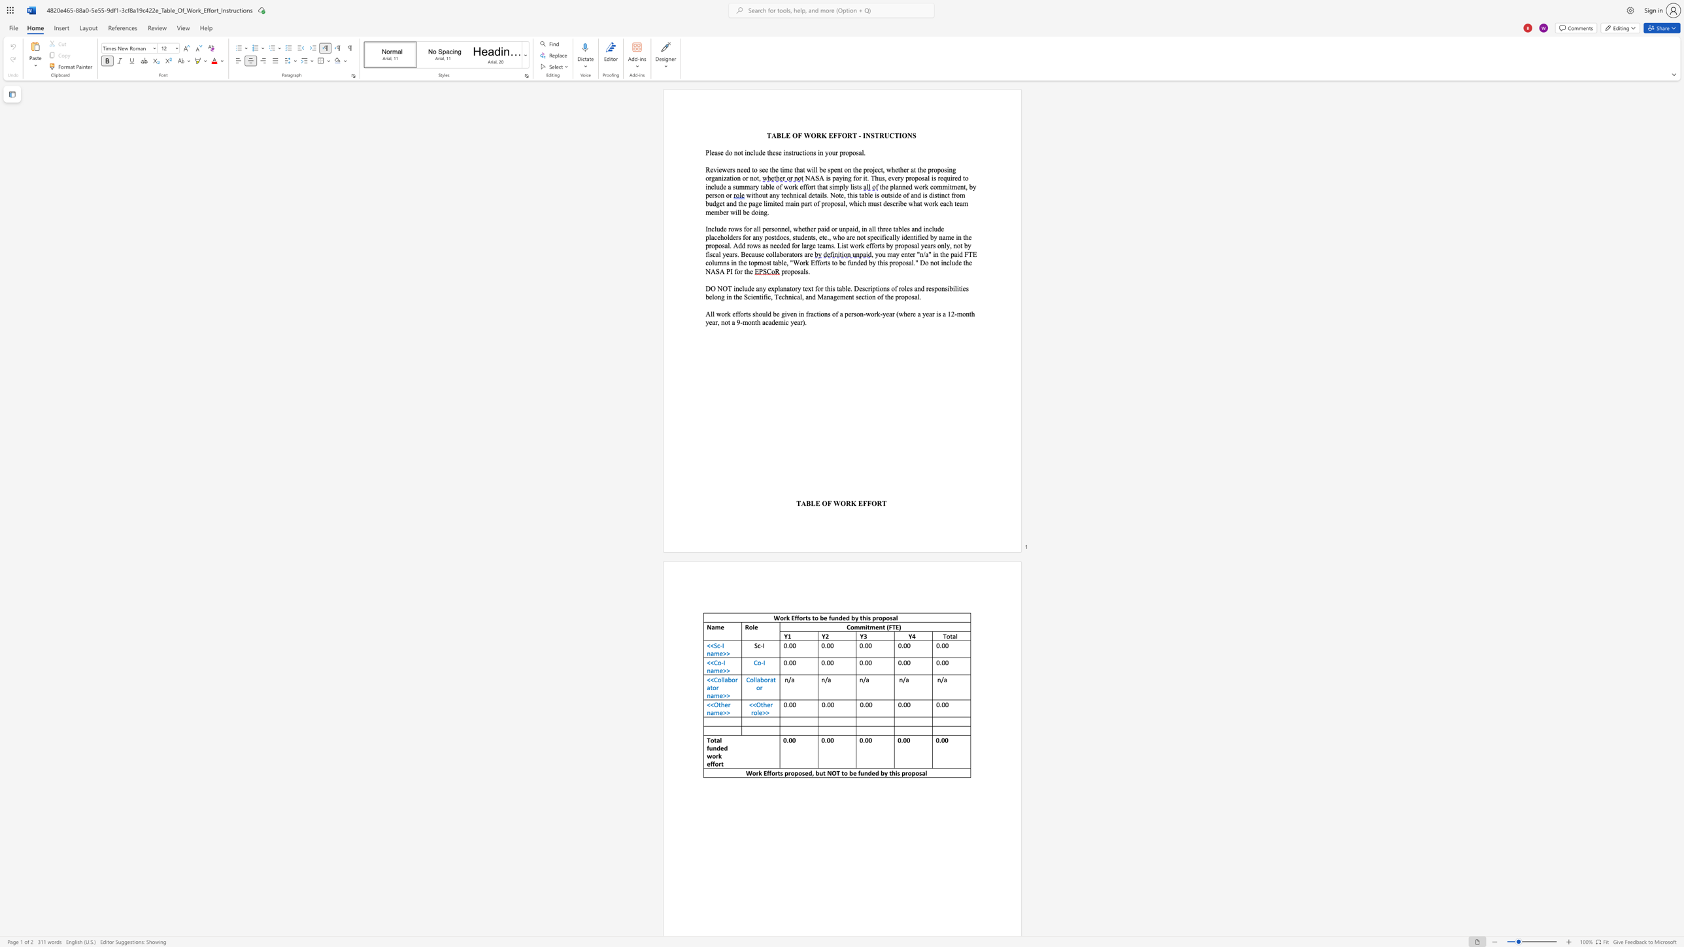 The image size is (1684, 947). Describe the element at coordinates (839, 152) in the screenshot. I see `the subset text "proposal" within the text "Please do not include these instructions in your proposal."` at that location.